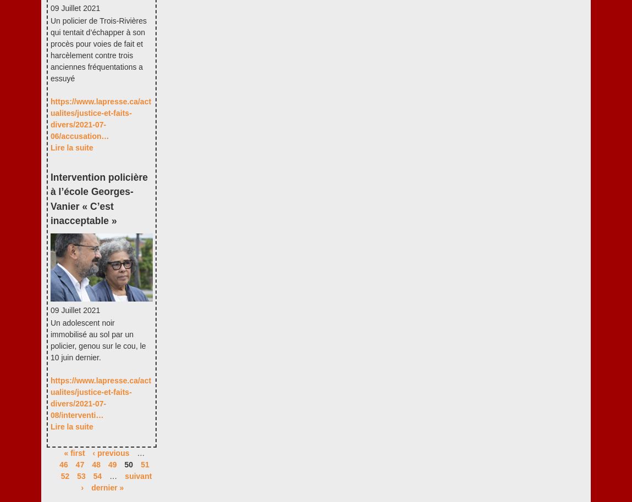  I want to click on 'Intervention policière à l’école Georges-Vanier « C’est inacceptable »', so click(98, 198).